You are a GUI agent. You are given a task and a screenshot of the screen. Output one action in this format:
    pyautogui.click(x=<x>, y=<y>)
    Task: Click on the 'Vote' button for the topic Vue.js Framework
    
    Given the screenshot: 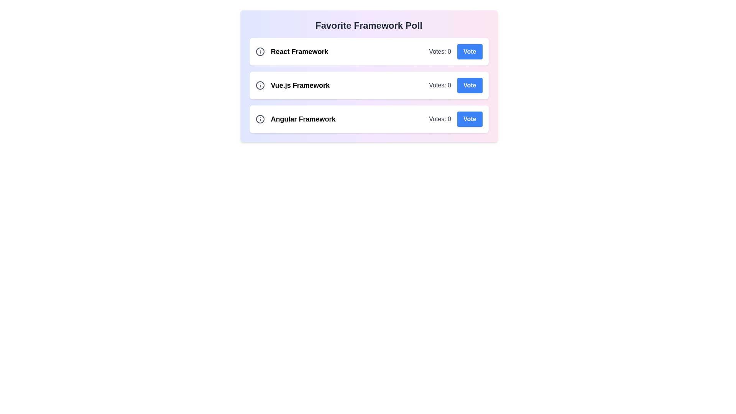 What is the action you would take?
    pyautogui.click(x=469, y=85)
    